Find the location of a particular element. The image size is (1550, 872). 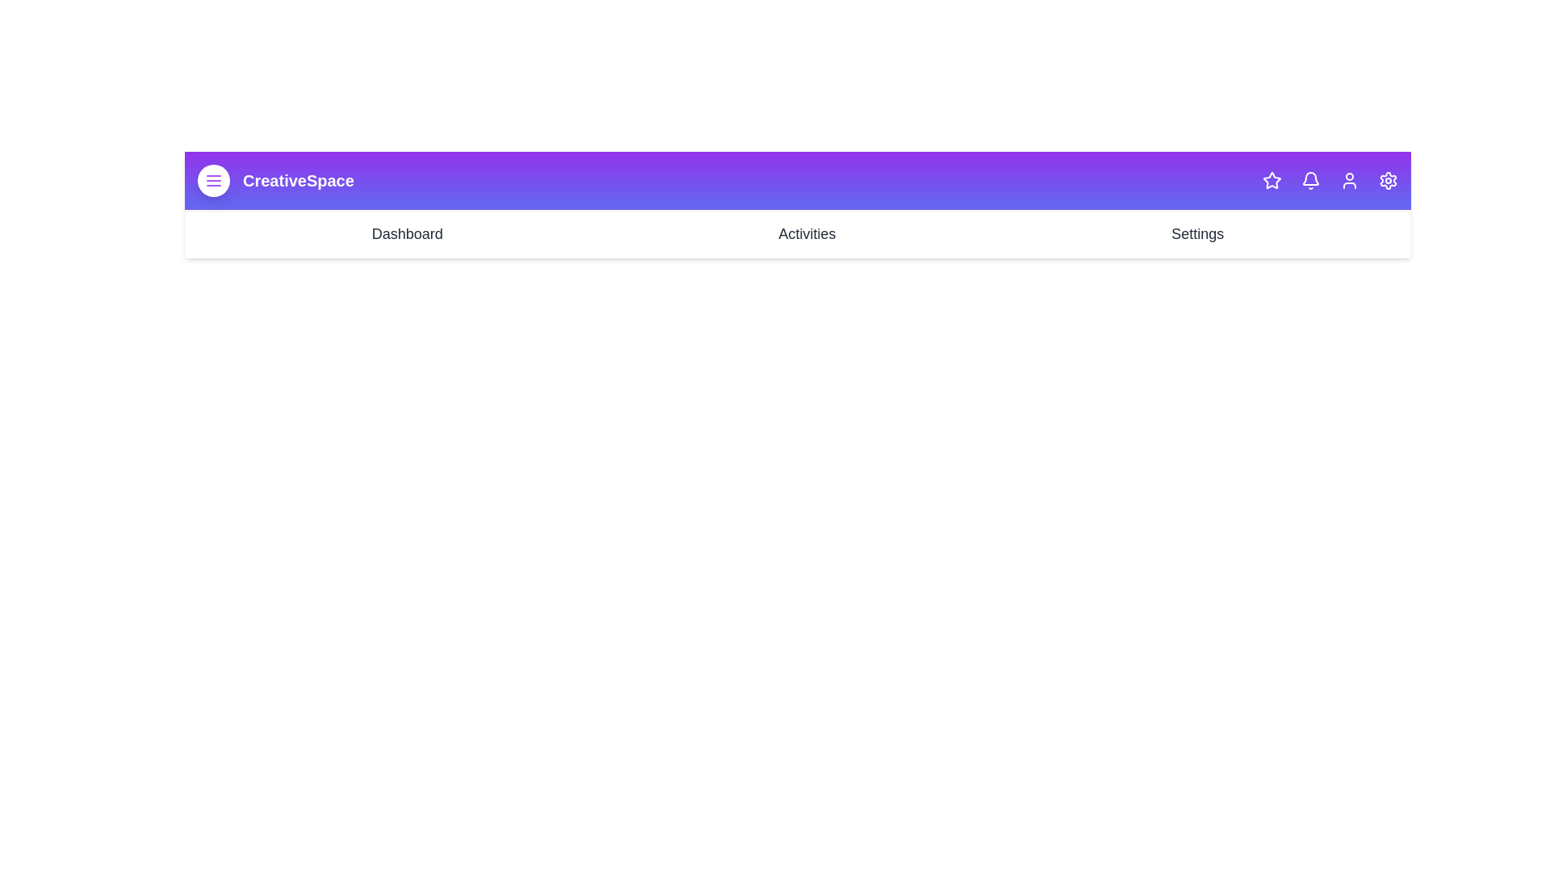

the 'Activities' button in the navigation bar is located at coordinates (806, 233).